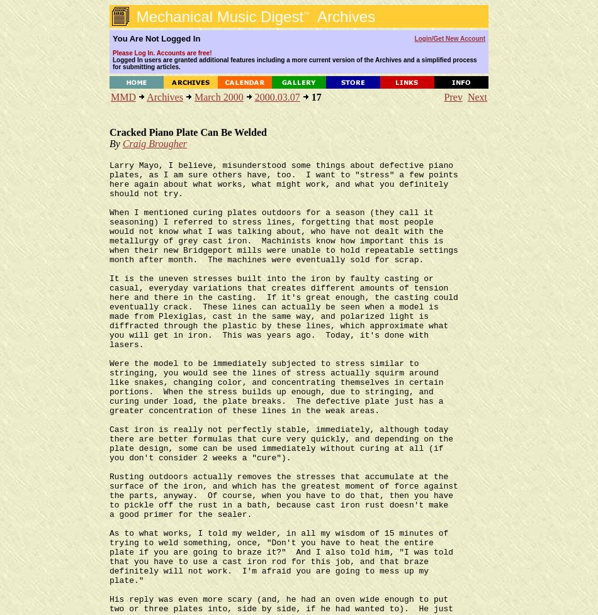 This screenshot has width=598, height=615. What do you see at coordinates (293, 64) in the screenshot?
I see `'Logged In users are granted additional features including a more current version of the Archives and a simplified process for submitting articles.'` at bounding box center [293, 64].